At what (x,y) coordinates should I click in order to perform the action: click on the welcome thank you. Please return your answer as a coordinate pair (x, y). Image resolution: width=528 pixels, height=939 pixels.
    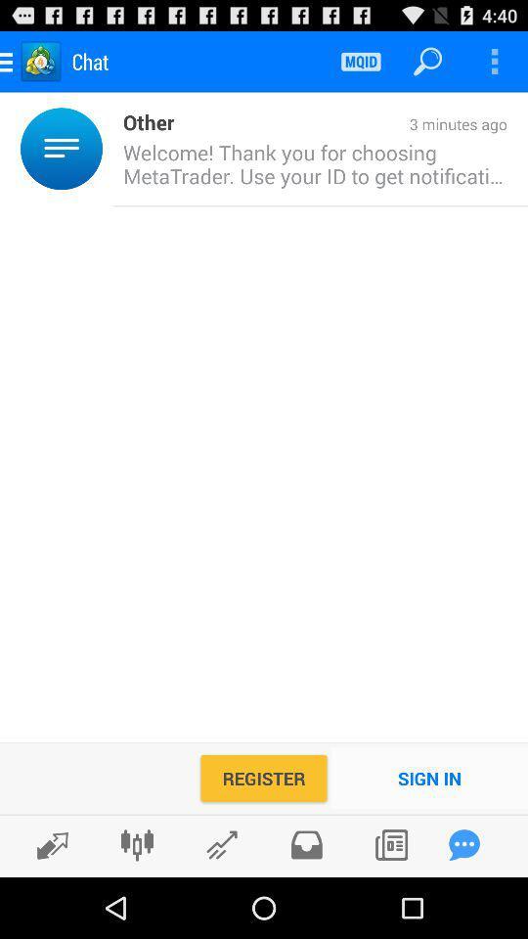
    Looking at the image, I should click on (310, 162).